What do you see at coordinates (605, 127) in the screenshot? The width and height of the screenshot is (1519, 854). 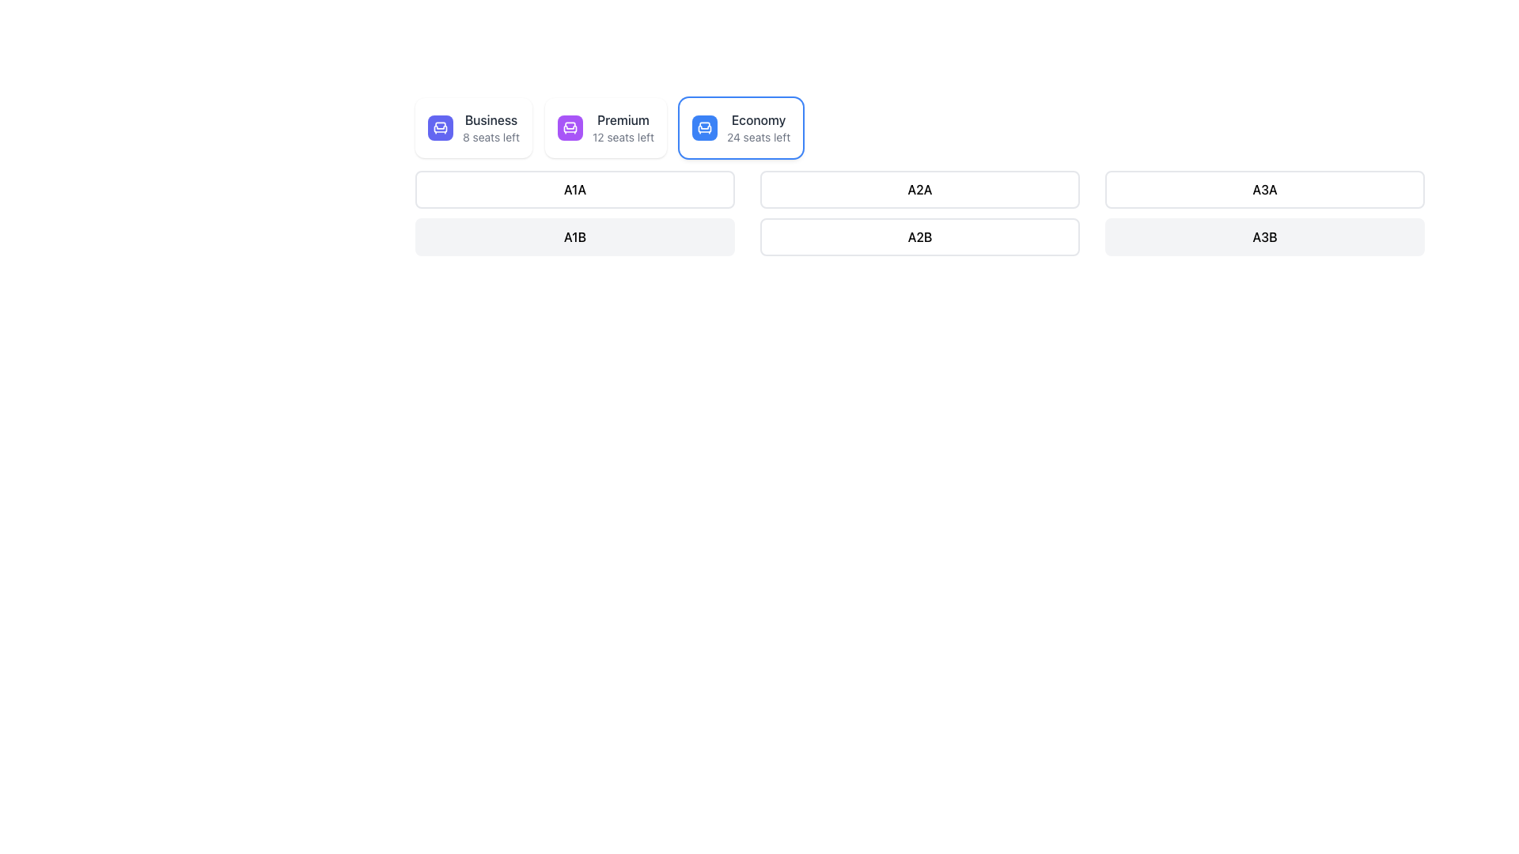 I see `text of the Display element indicating the availability of premium seats, which states '12 seats left'` at bounding box center [605, 127].